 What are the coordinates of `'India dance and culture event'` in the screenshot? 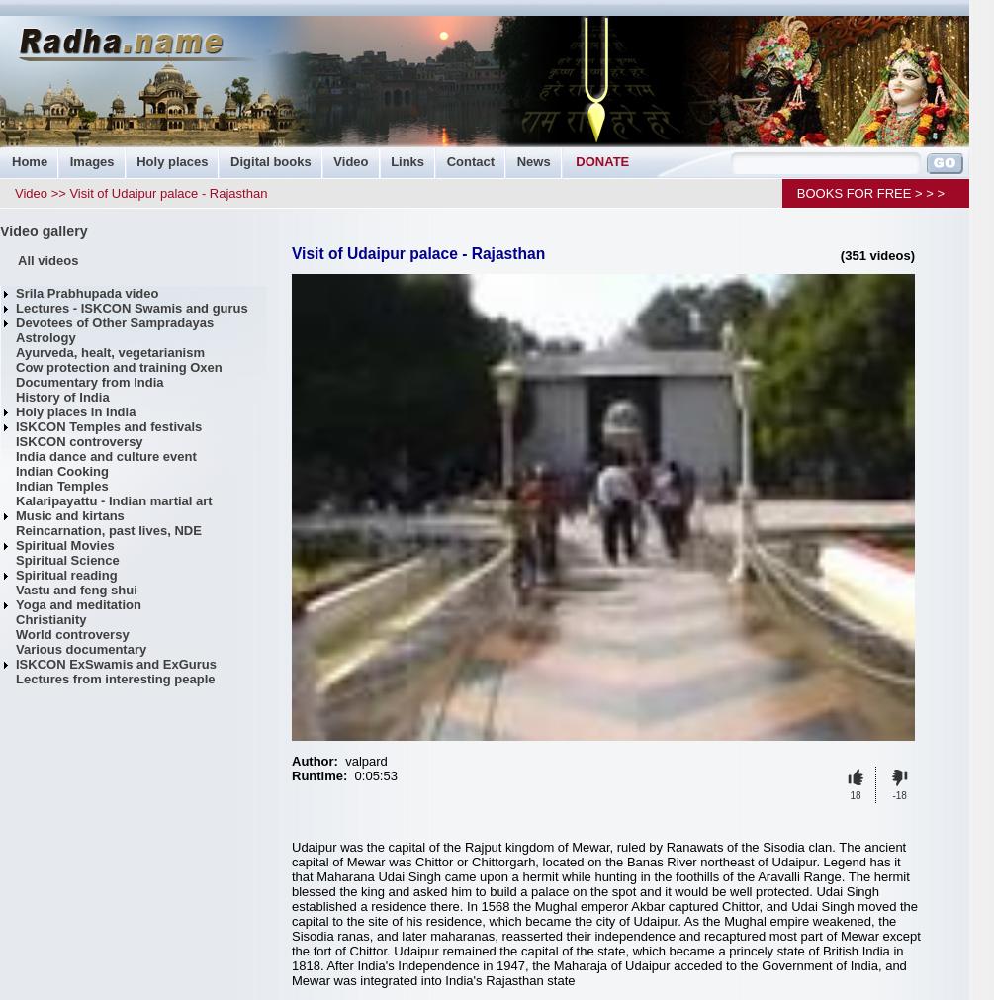 It's located at (106, 455).